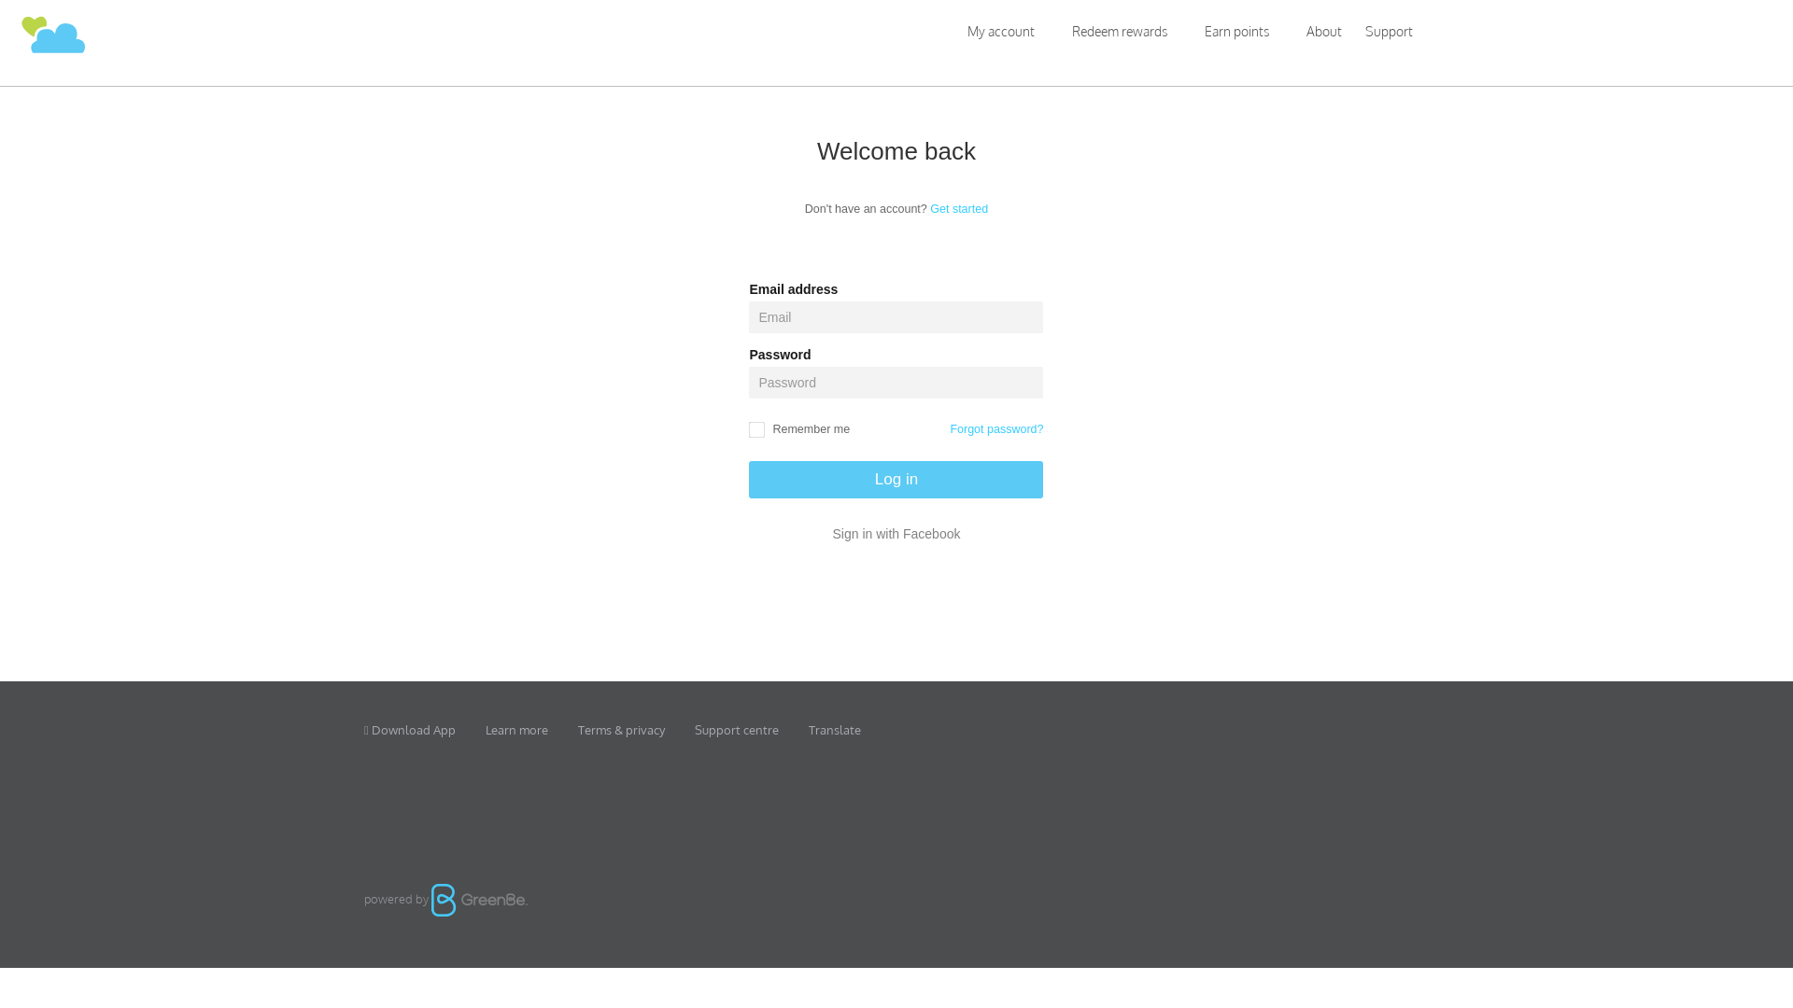 The height and width of the screenshot is (1008, 1793). Describe the element at coordinates (1389, 32) in the screenshot. I see `'Support'` at that location.